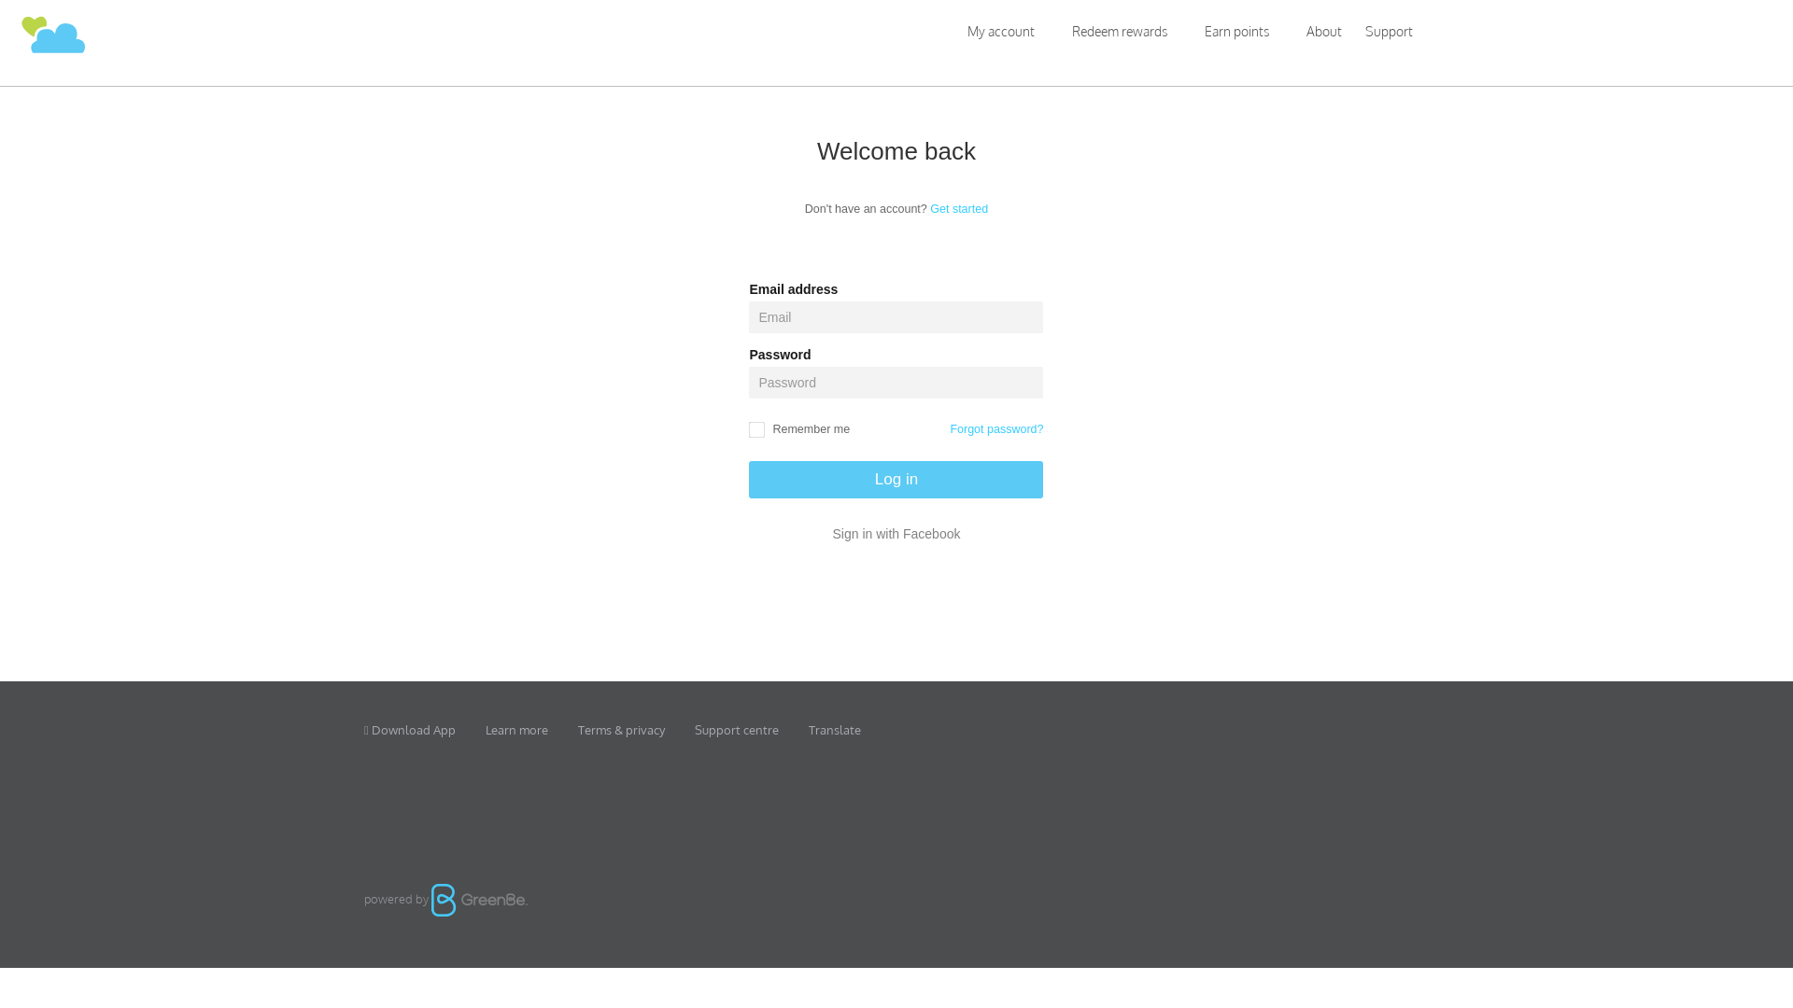 The height and width of the screenshot is (1008, 1793). Describe the element at coordinates (1389, 32) in the screenshot. I see `'Support'` at that location.